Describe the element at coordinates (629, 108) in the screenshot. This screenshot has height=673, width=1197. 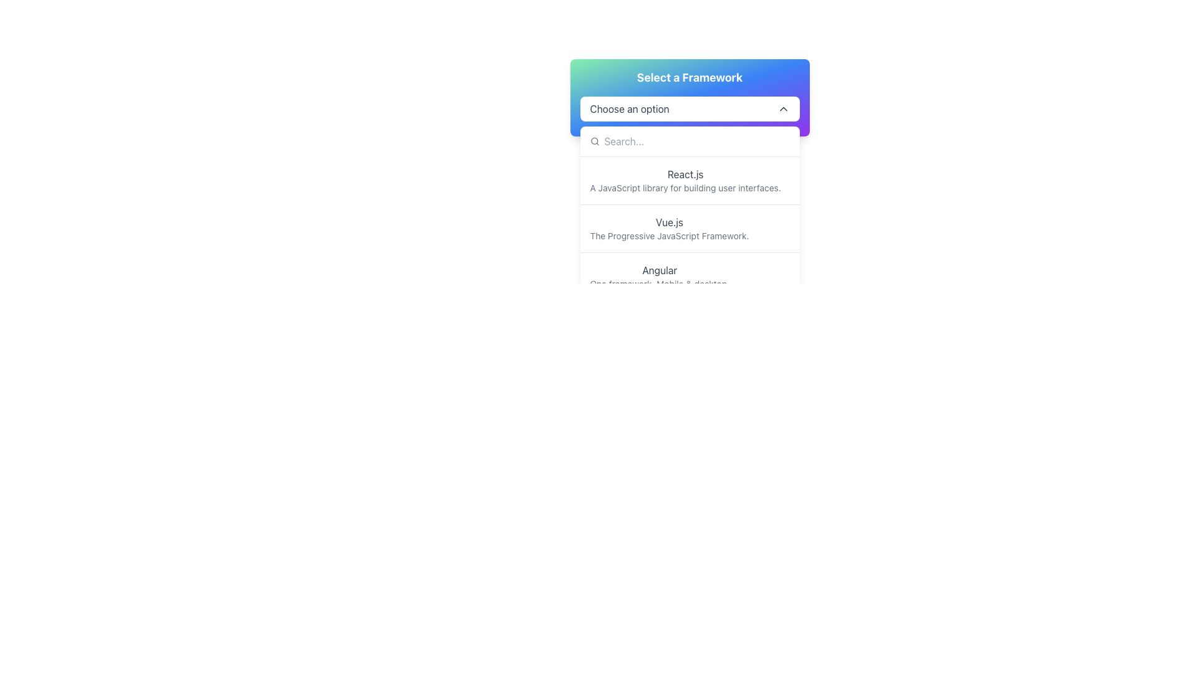
I see `the Text Label in the dropdown menu that guides users` at that location.